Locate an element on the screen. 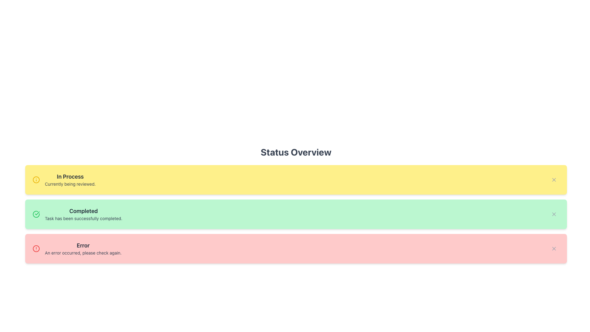 The height and width of the screenshot is (332, 590). the text label displaying 'An error occurred, please check again.' located in the red section below the 'Error' title is located at coordinates (83, 253).